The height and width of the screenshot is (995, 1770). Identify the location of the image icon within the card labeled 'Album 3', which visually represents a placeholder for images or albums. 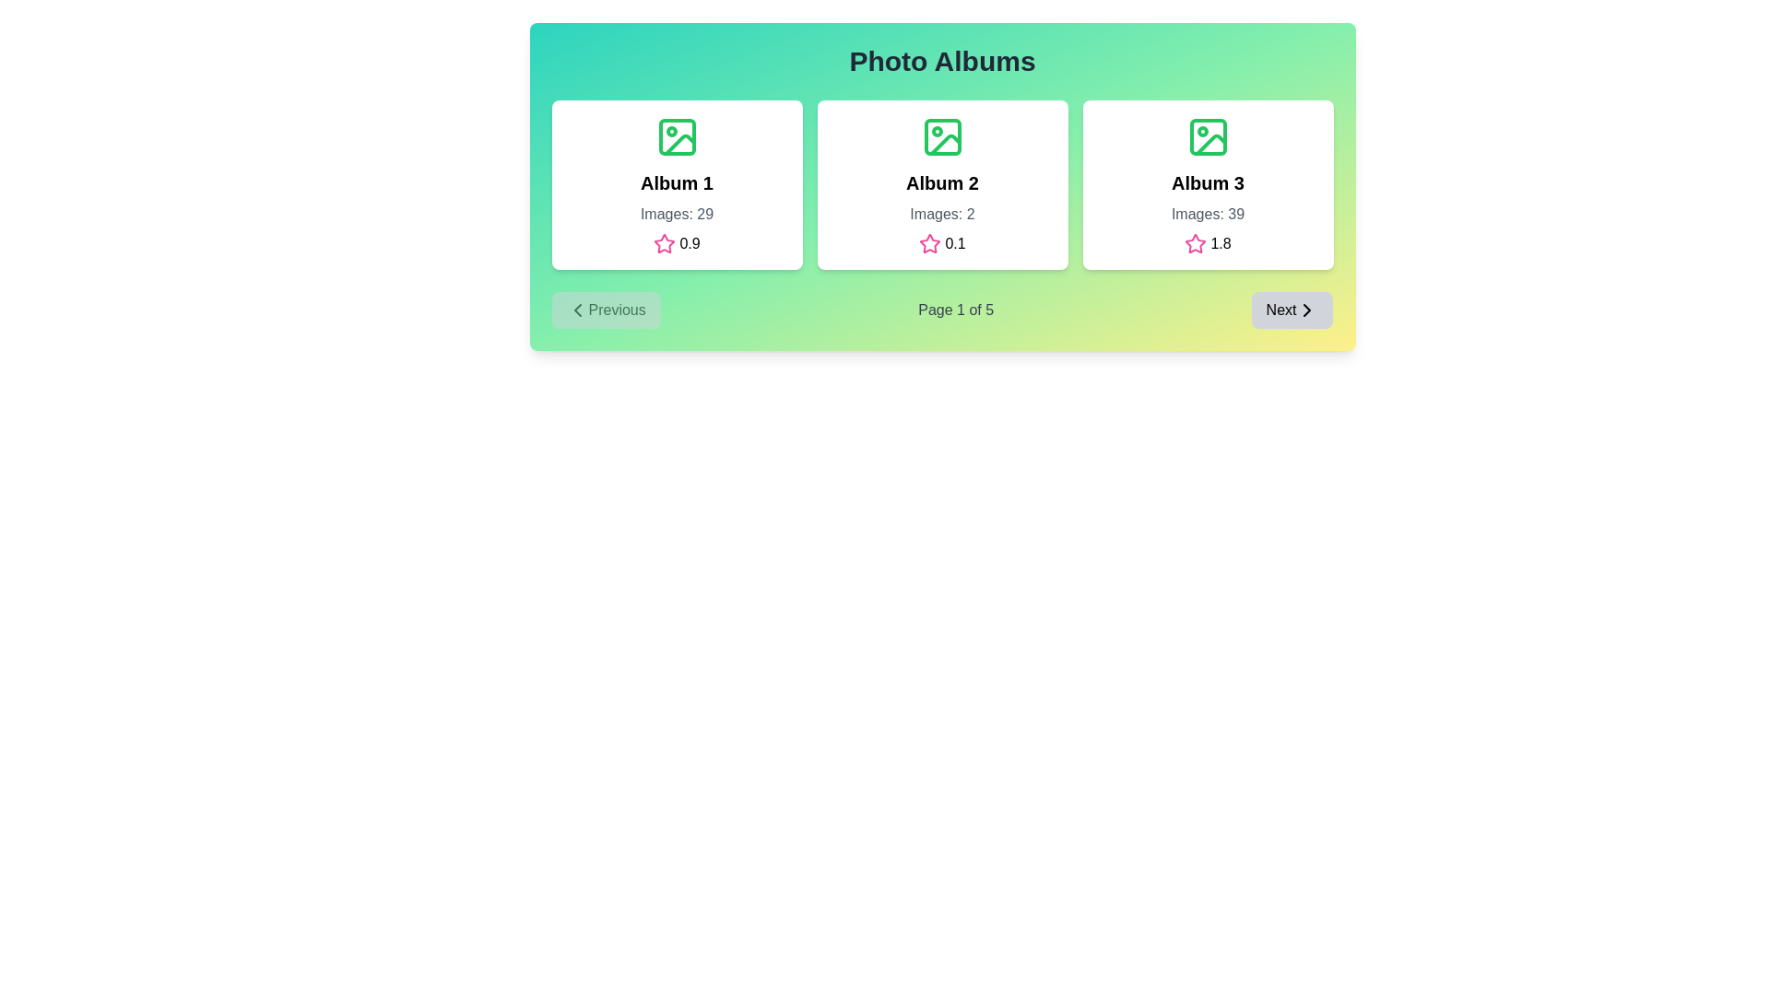
(1208, 136).